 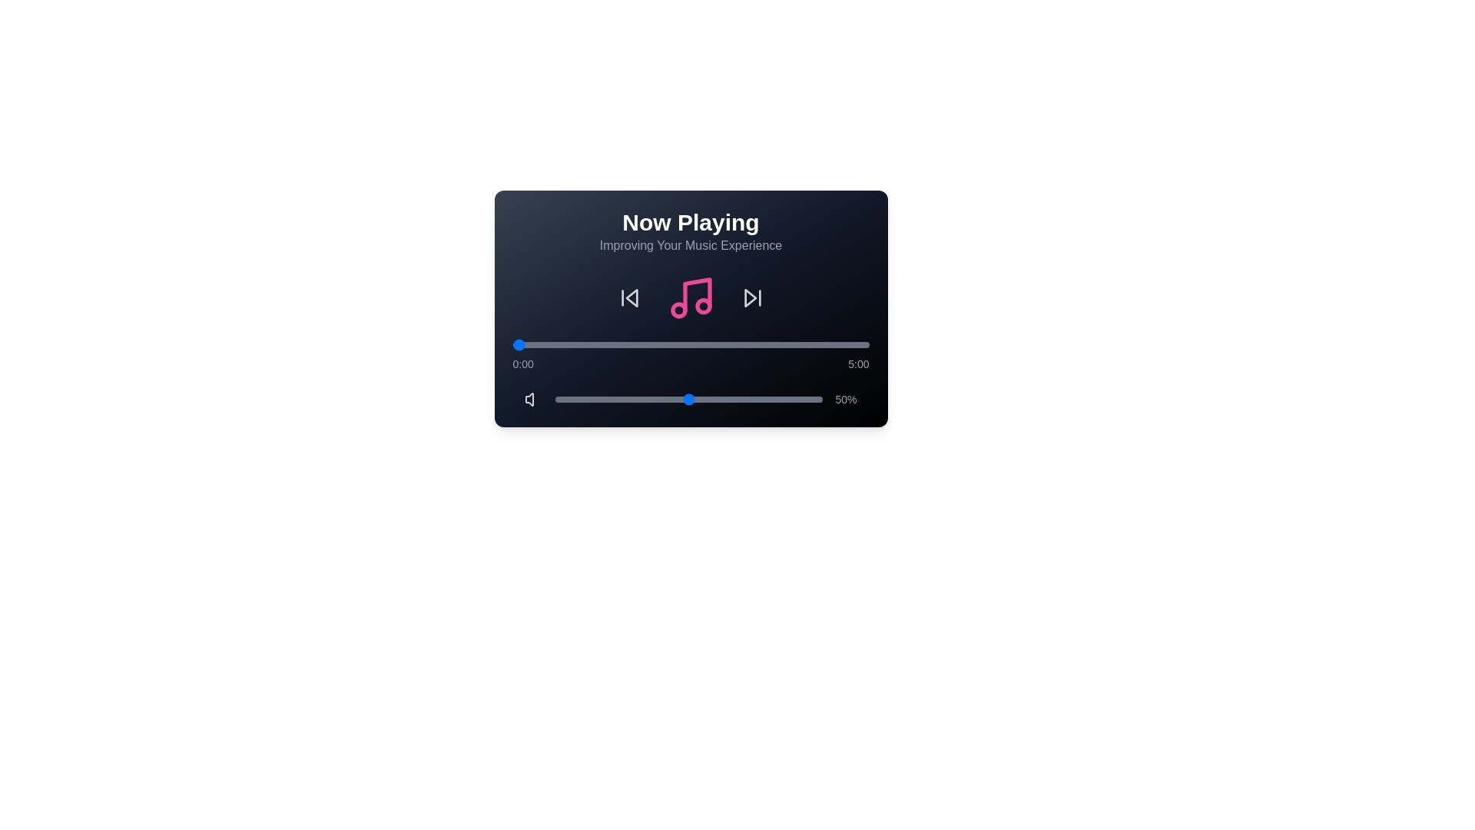 I want to click on the playback progress to 230 seconds, so click(x=786, y=344).